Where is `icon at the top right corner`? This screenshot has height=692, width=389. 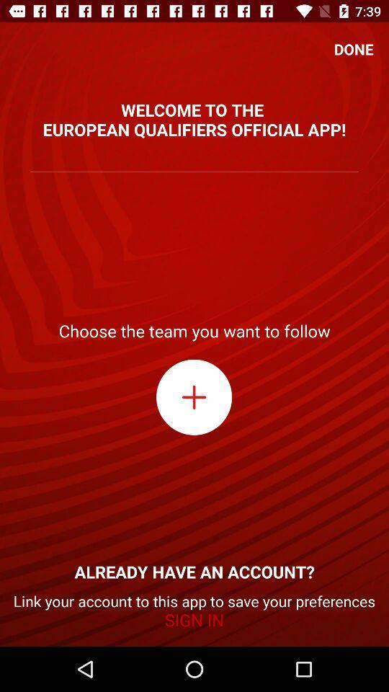 icon at the top right corner is located at coordinates (353, 49).